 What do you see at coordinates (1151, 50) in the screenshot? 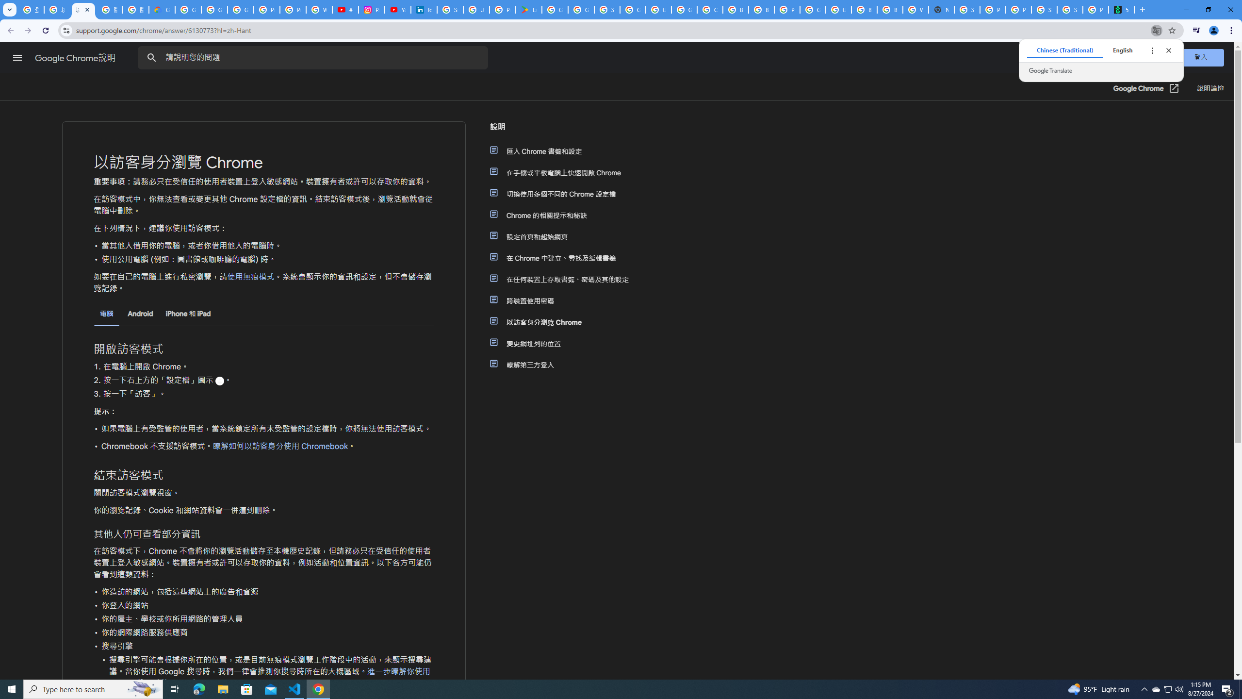
I see `'Translate options'` at bounding box center [1151, 50].